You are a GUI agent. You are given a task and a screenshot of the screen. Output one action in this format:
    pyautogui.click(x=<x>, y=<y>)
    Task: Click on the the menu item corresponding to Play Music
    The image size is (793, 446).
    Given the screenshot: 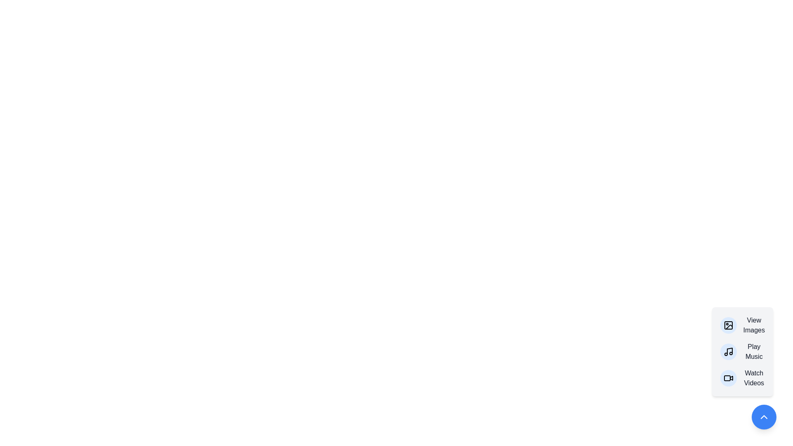 What is the action you would take?
    pyautogui.click(x=742, y=352)
    